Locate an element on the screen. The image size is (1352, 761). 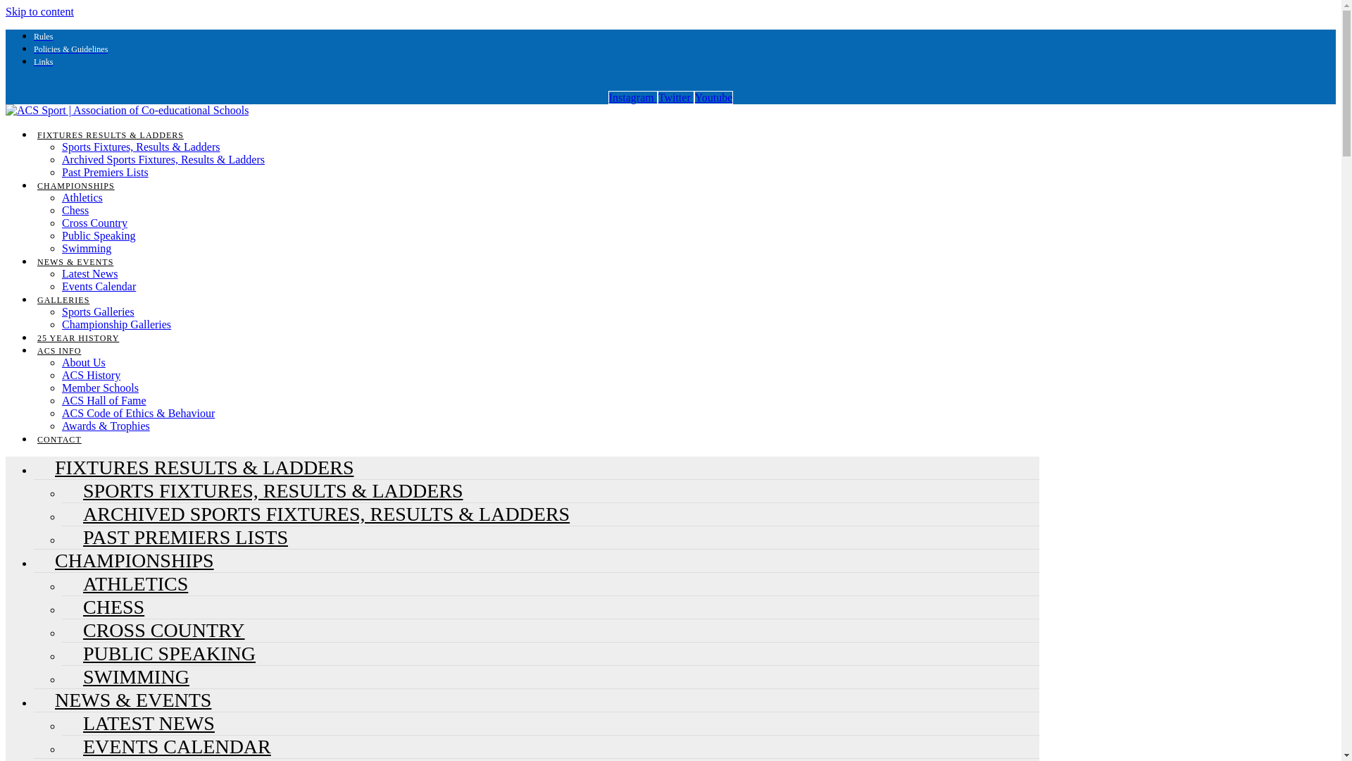
'Cross Country' is located at coordinates (94, 222).